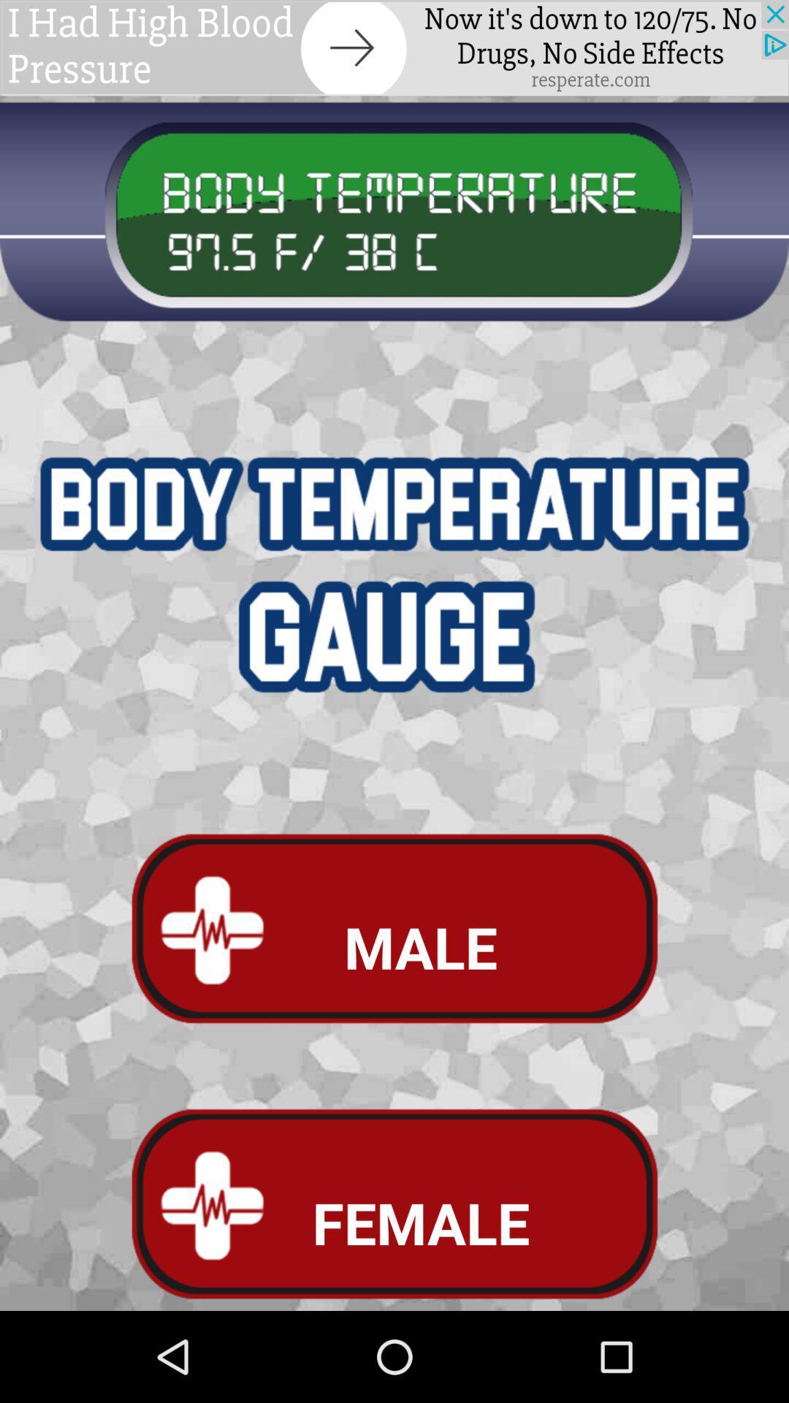  What do you see at coordinates (394, 47) in the screenshot?
I see `advertisement` at bounding box center [394, 47].